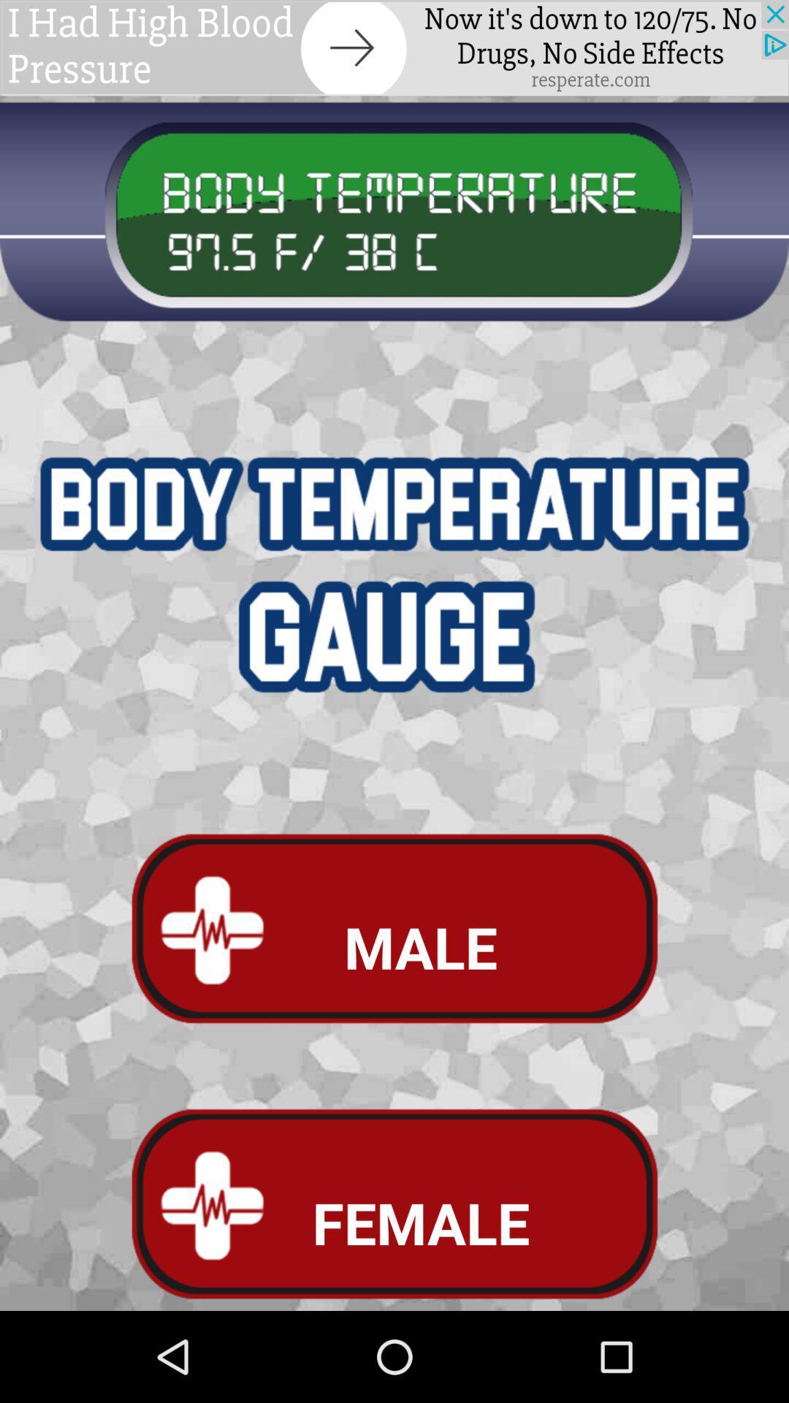  What do you see at coordinates (394, 47) in the screenshot?
I see `advertisement` at bounding box center [394, 47].